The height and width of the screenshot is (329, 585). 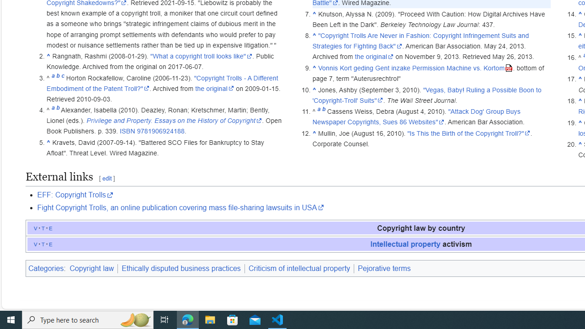 I want to click on 'Intellectual property', so click(x=405, y=243).